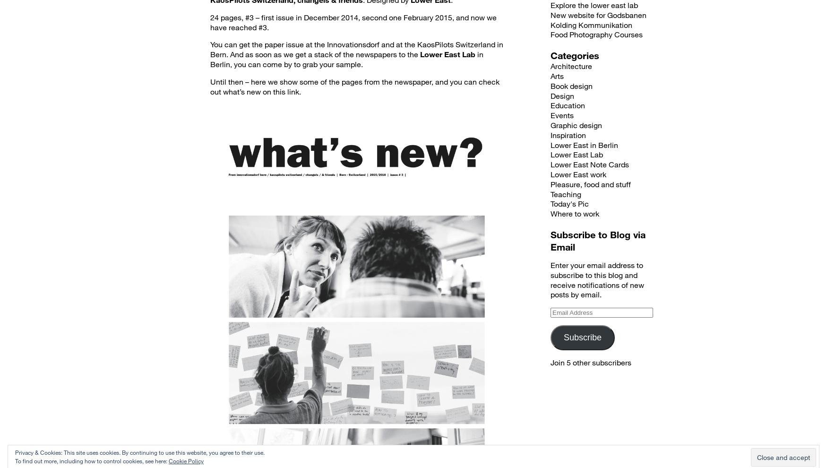 Image resolution: width=827 pixels, height=468 pixels. Describe the element at coordinates (556, 76) in the screenshot. I see `'Arts'` at that location.